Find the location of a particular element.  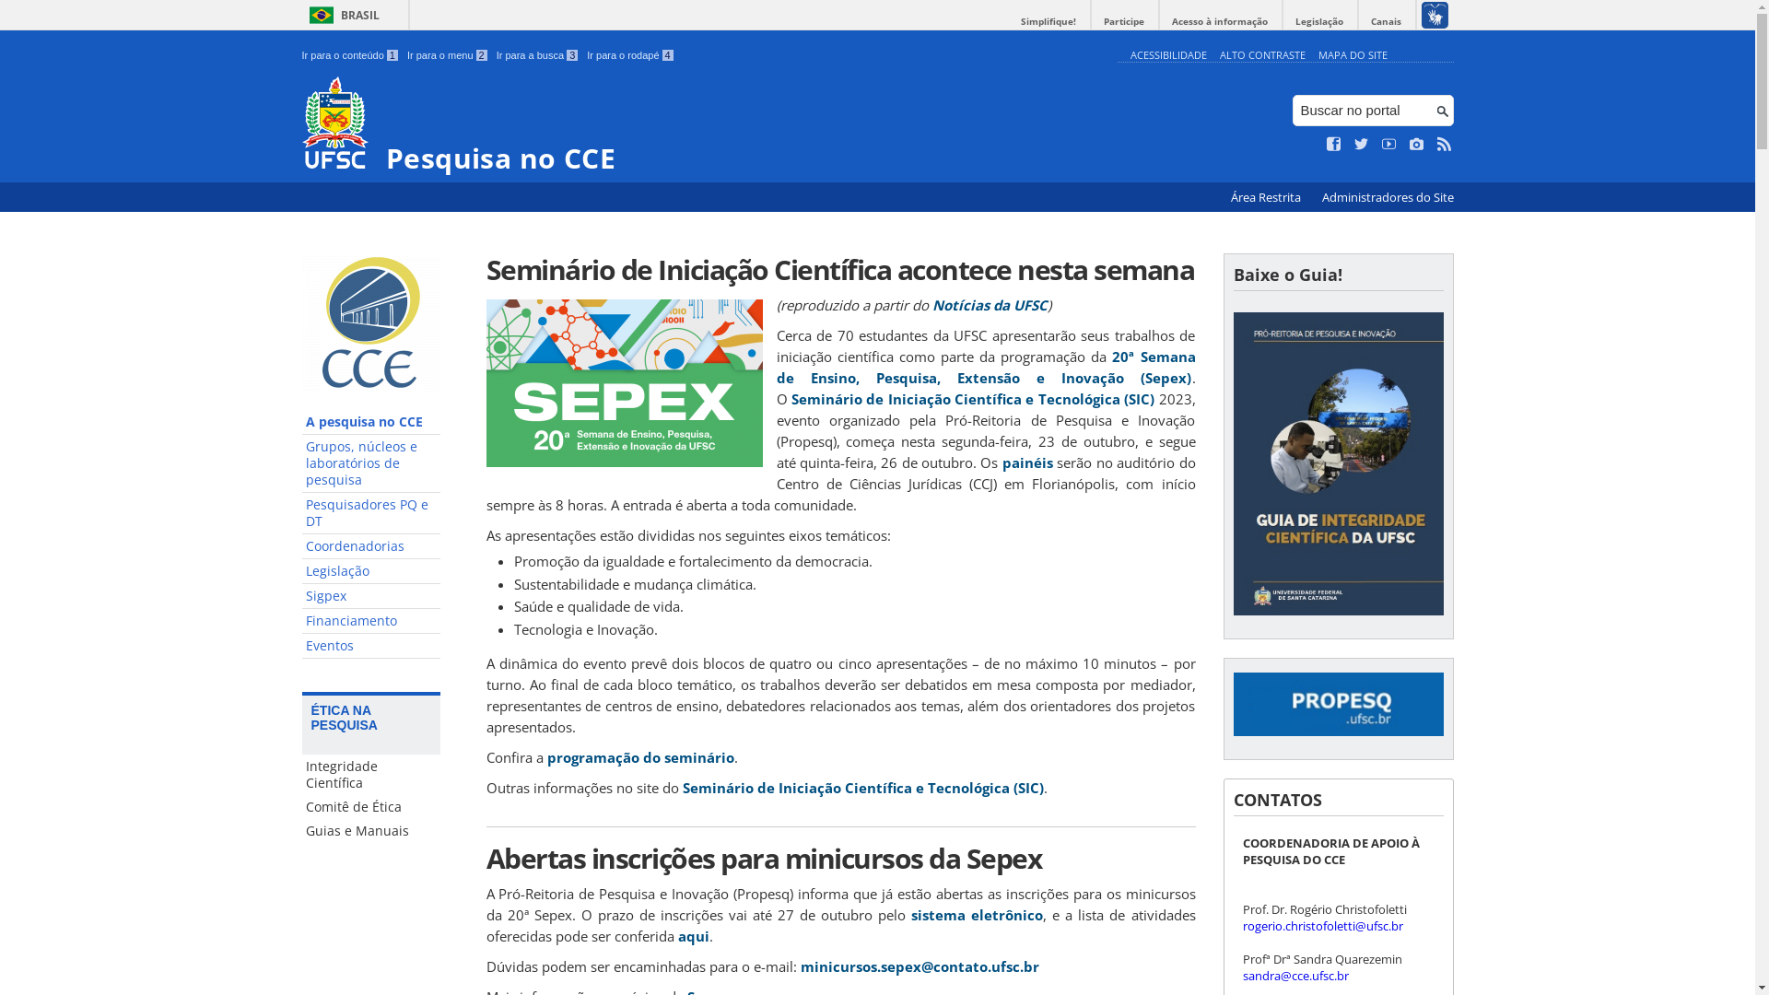

'MAPA DO SITE' is located at coordinates (1352, 53).